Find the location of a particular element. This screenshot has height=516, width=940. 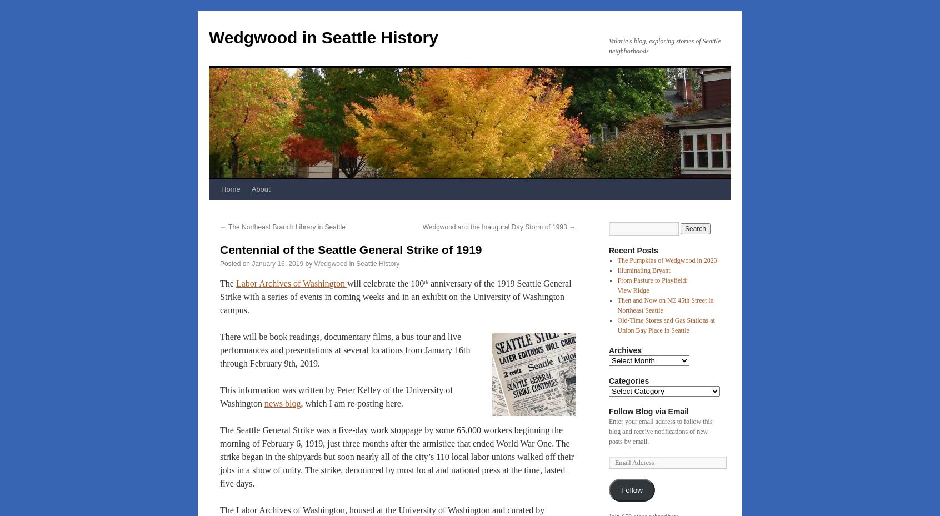

'by' is located at coordinates (305, 263).